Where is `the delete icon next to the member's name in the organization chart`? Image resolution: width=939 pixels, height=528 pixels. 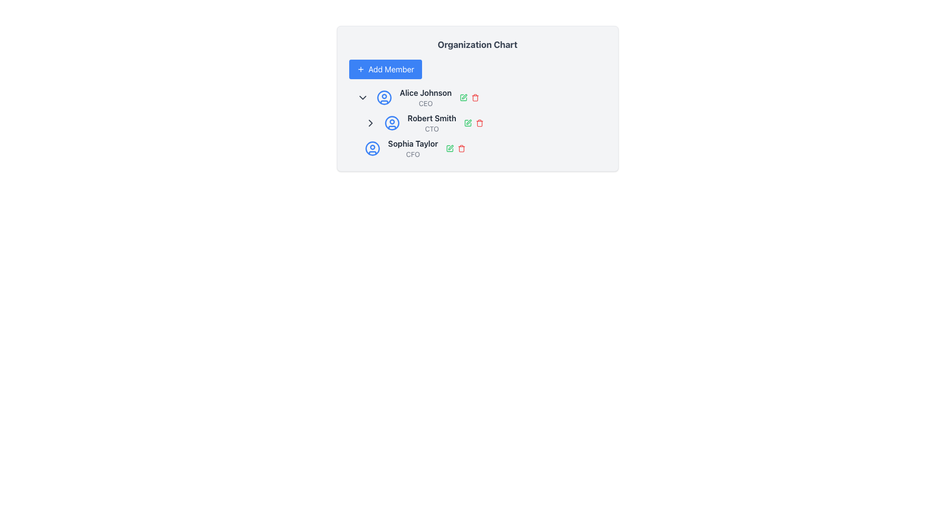
the delete icon next to the member's name in the organization chart is located at coordinates (477, 122).